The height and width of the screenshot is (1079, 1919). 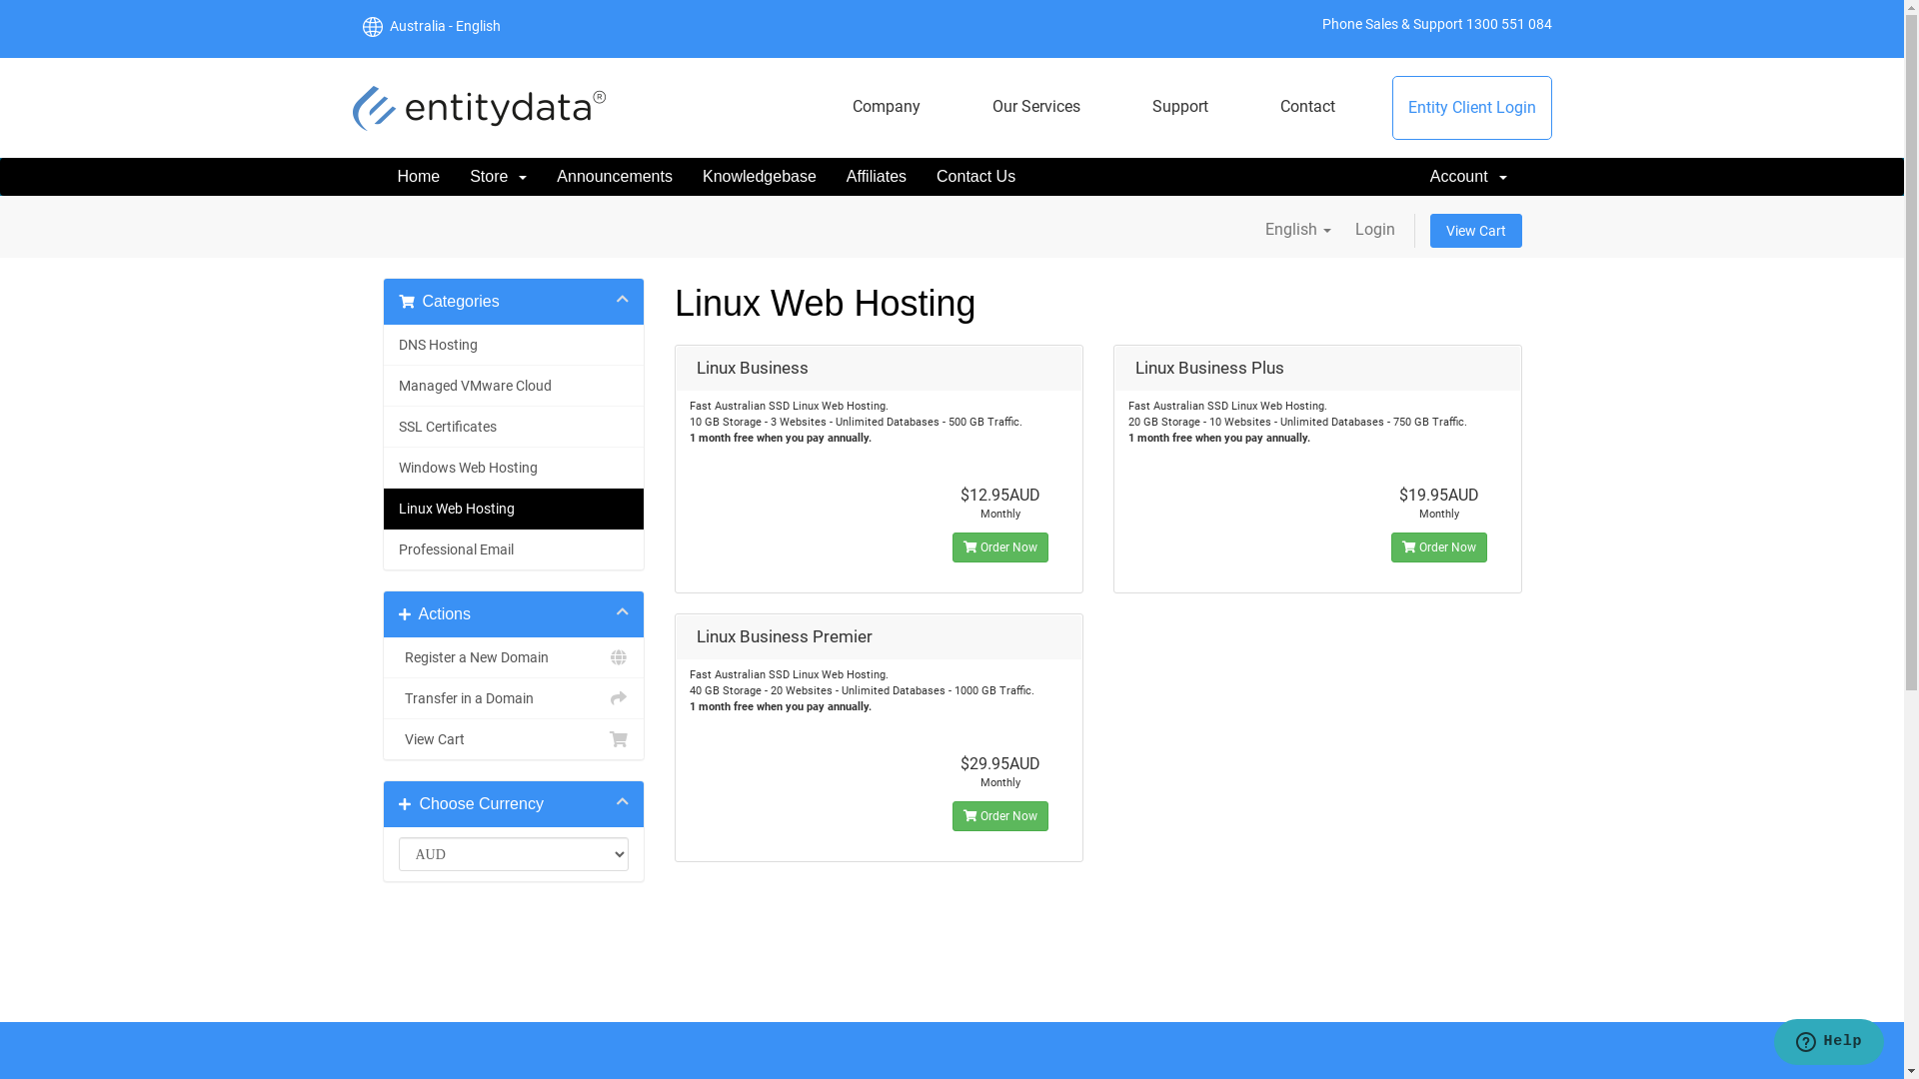 I want to click on 'Account  ', so click(x=1468, y=176).